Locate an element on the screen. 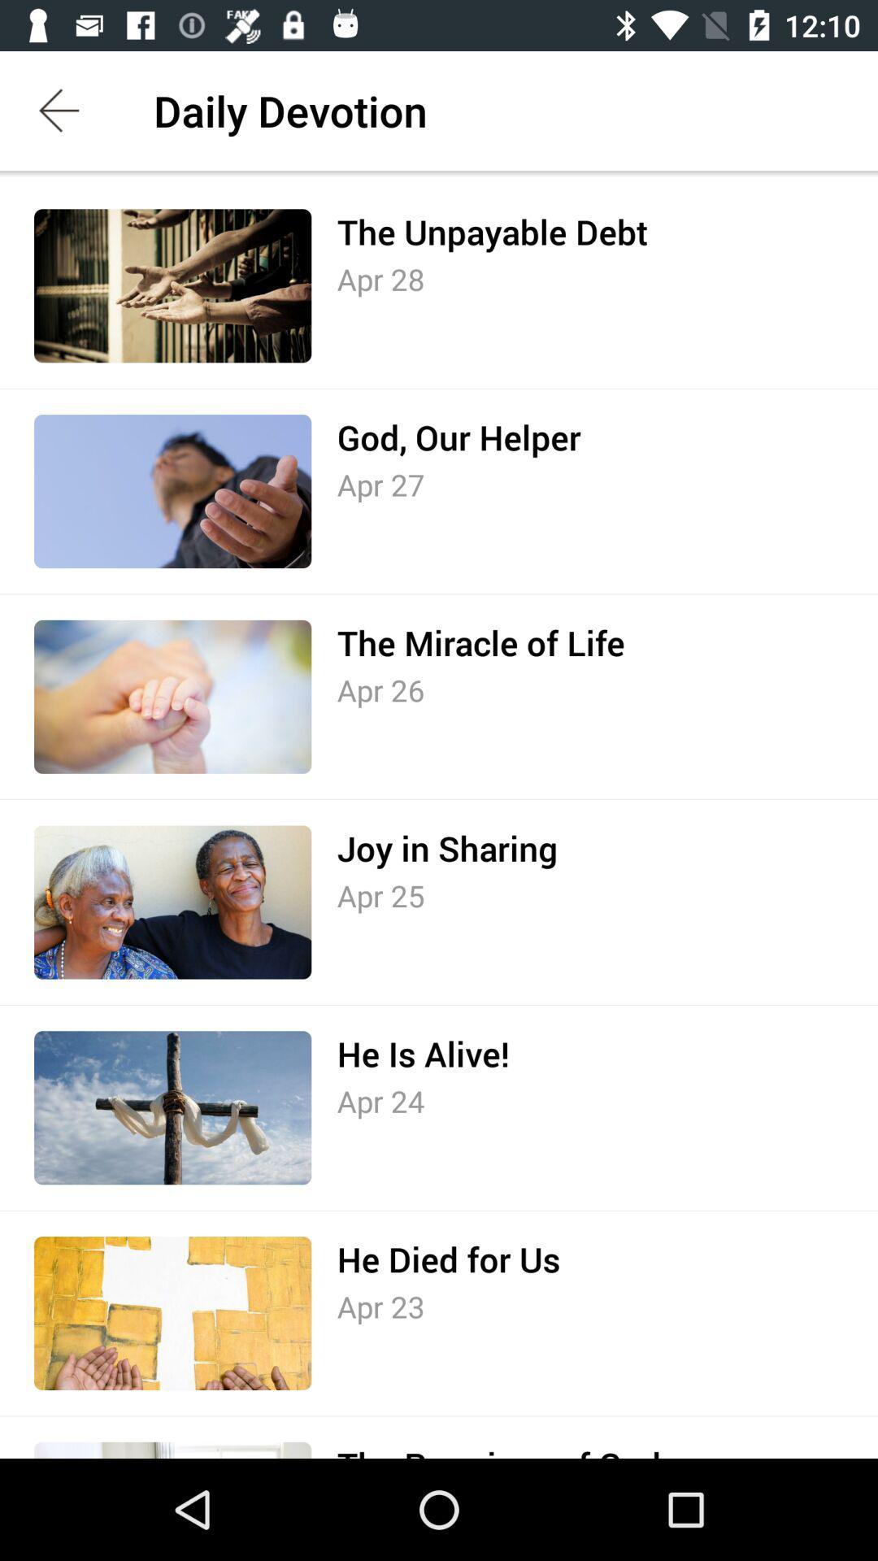  item below the the unpayable debt item is located at coordinates (380, 279).